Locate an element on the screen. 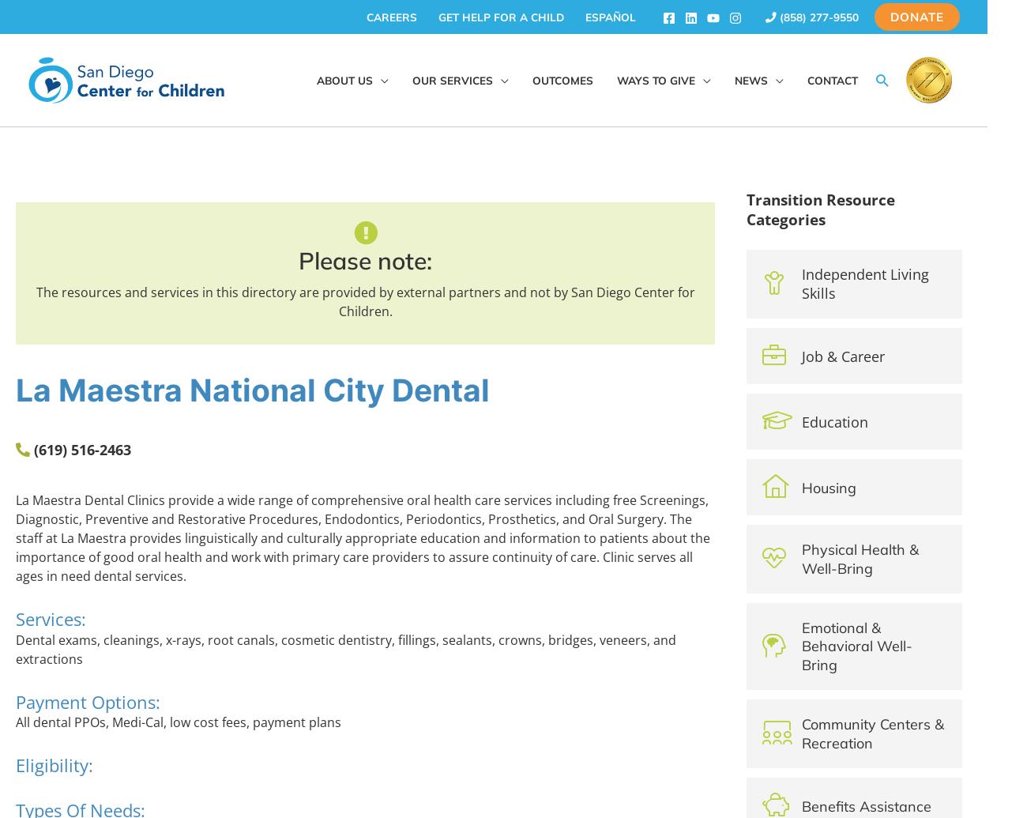 This screenshot has height=818, width=1027. 'Emotional & Behavioral Well-Bring' is located at coordinates (856, 645).